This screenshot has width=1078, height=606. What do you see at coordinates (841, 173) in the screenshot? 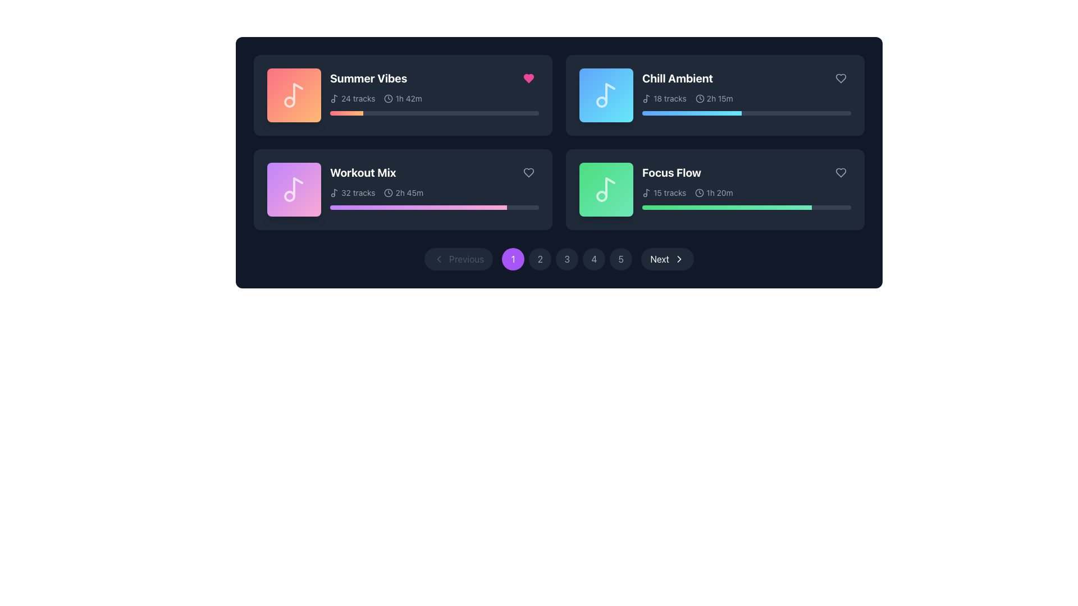
I see `the heart icon button located in the top-right corner of the 'Focus Flow' card` at bounding box center [841, 173].